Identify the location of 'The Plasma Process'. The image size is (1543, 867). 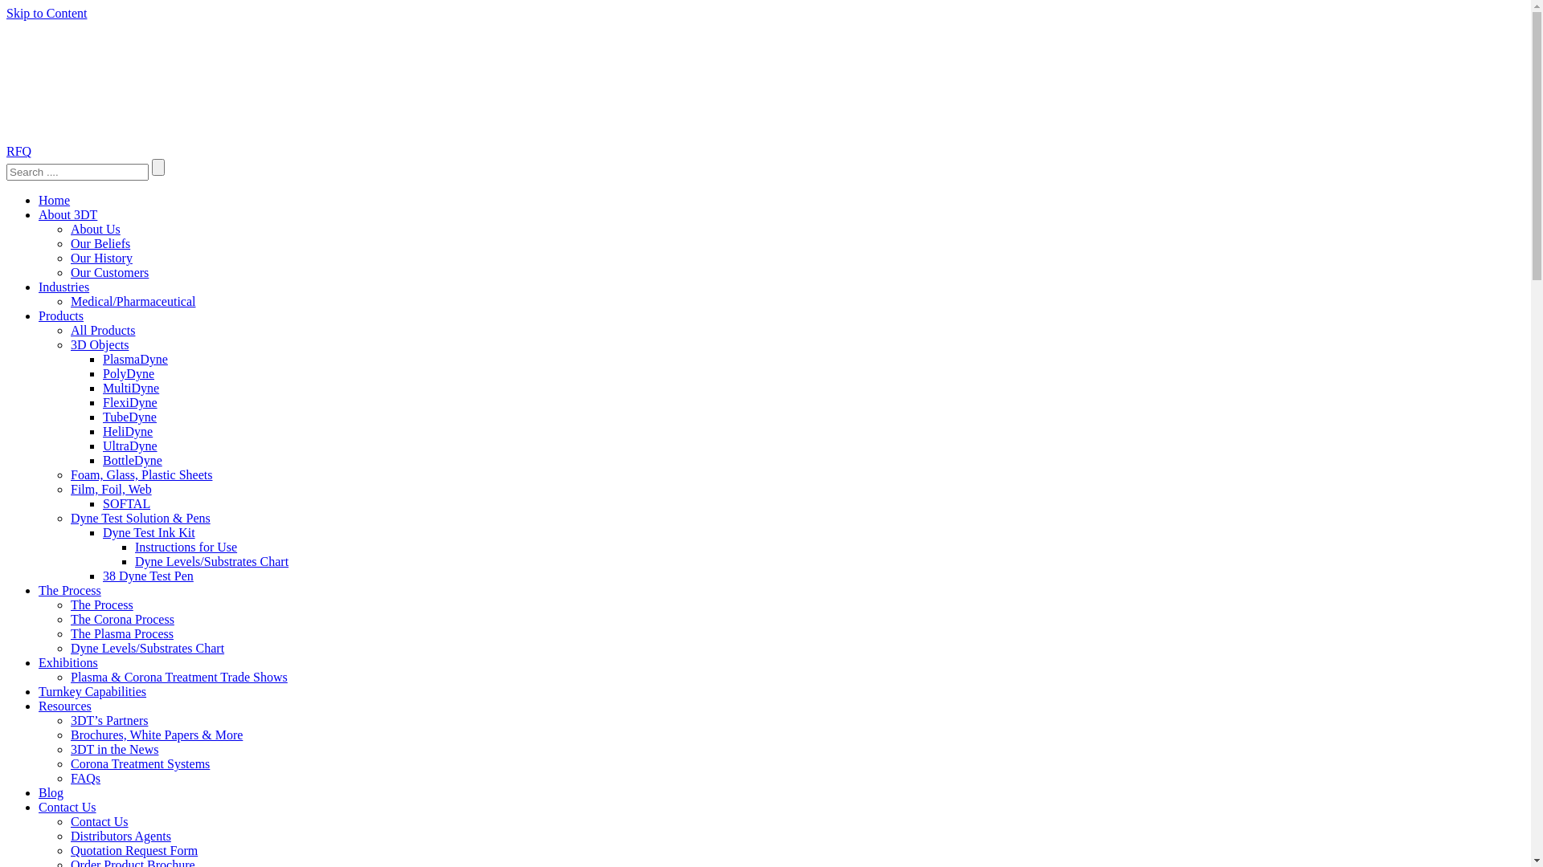
(121, 633).